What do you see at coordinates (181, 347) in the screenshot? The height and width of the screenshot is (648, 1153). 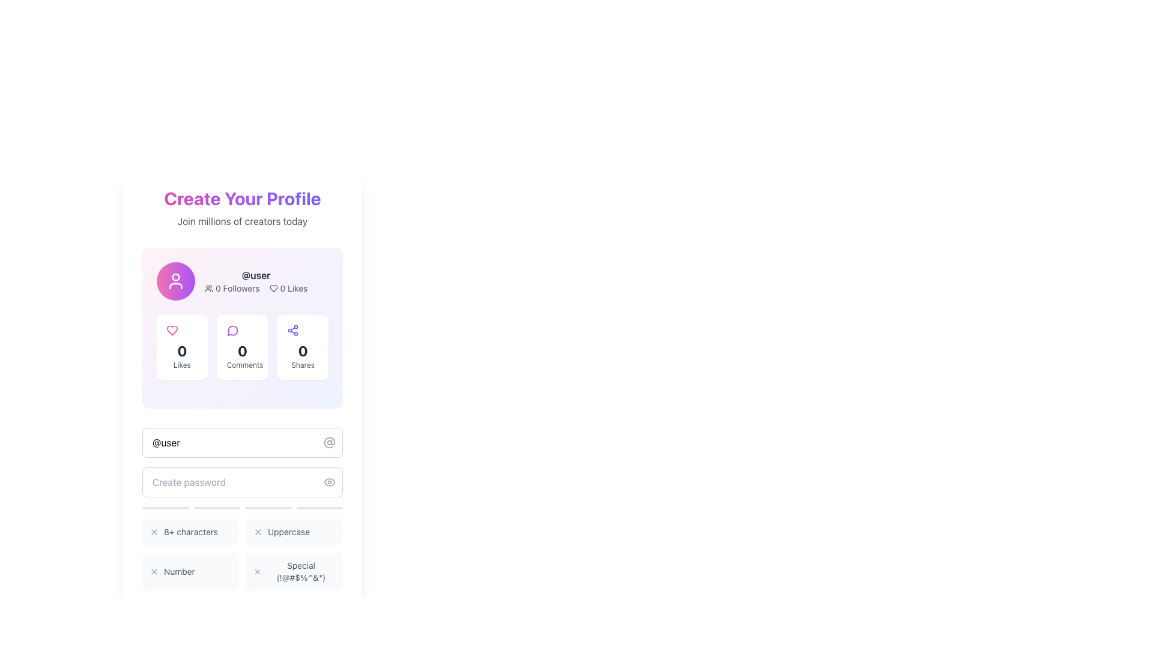 I see `the first statistical display widget that shows a heart icon in pink, the number '0' in bold, and the label 'Likes' beneath it` at bounding box center [181, 347].